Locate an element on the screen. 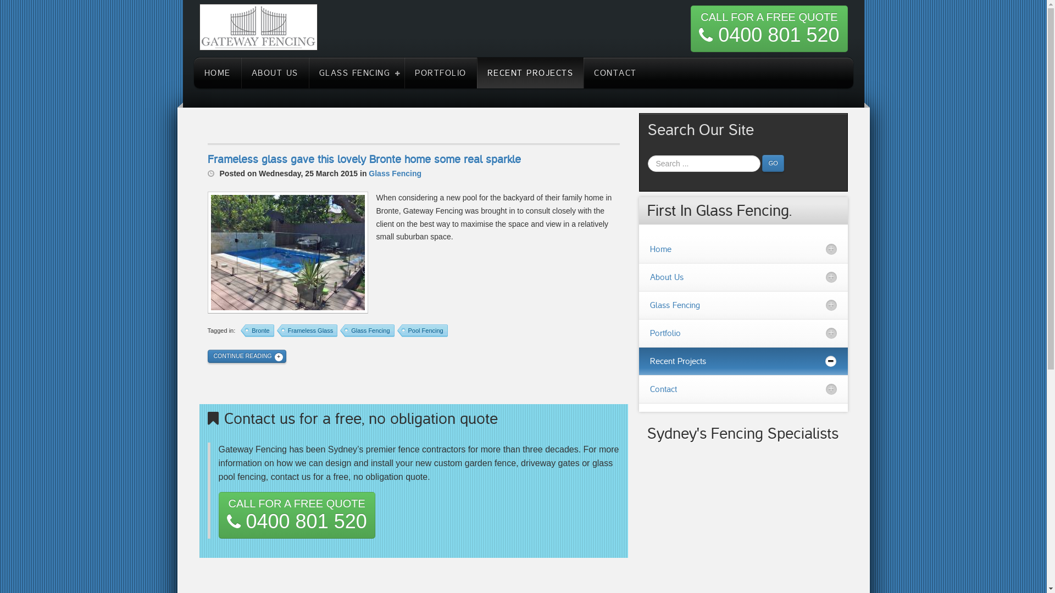 This screenshot has height=593, width=1055. 'Bronte' is located at coordinates (257, 330).